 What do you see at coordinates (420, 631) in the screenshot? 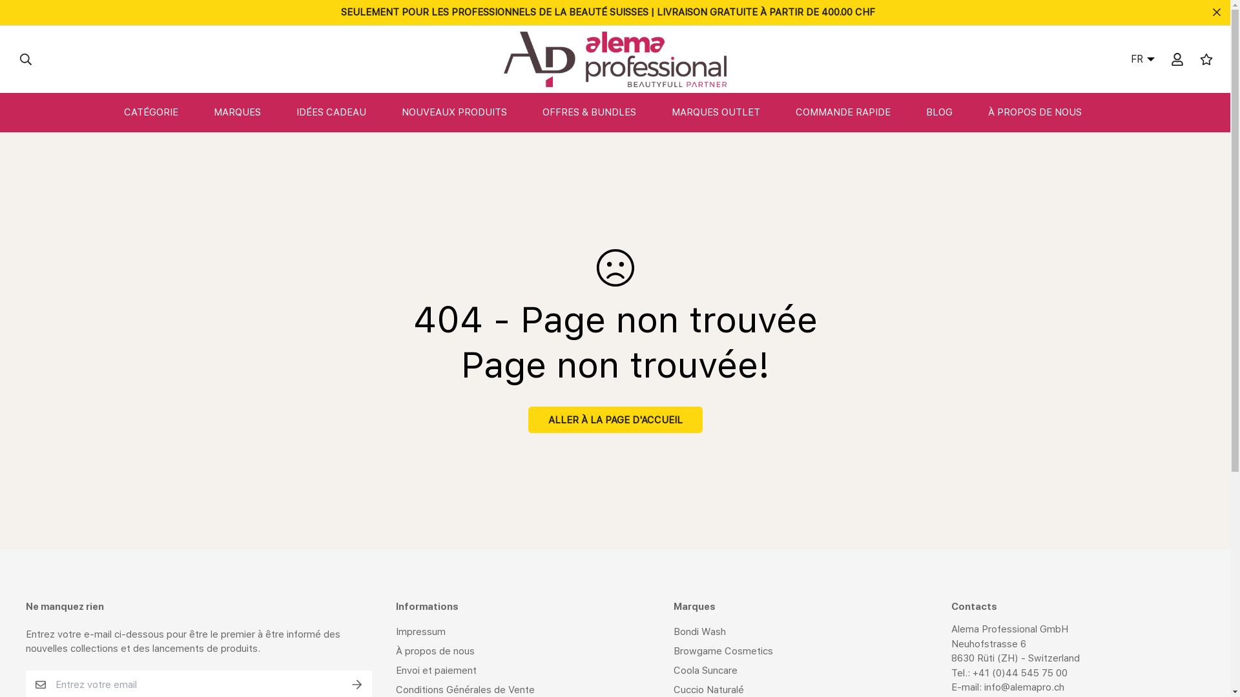
I see `'Impressum'` at bounding box center [420, 631].